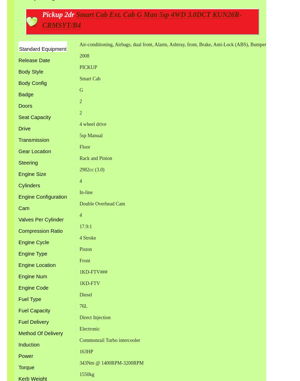  What do you see at coordinates (33, 322) in the screenshot?
I see `'Fuel Delivery'` at bounding box center [33, 322].